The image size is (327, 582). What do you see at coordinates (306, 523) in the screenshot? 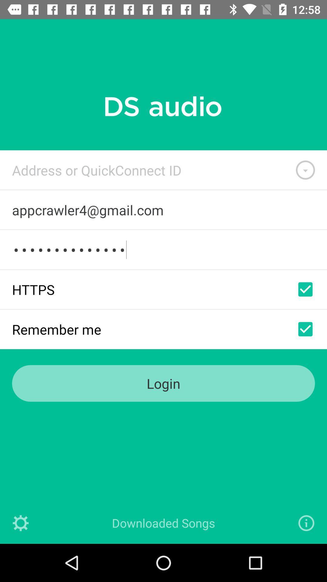
I see `open information` at bounding box center [306, 523].